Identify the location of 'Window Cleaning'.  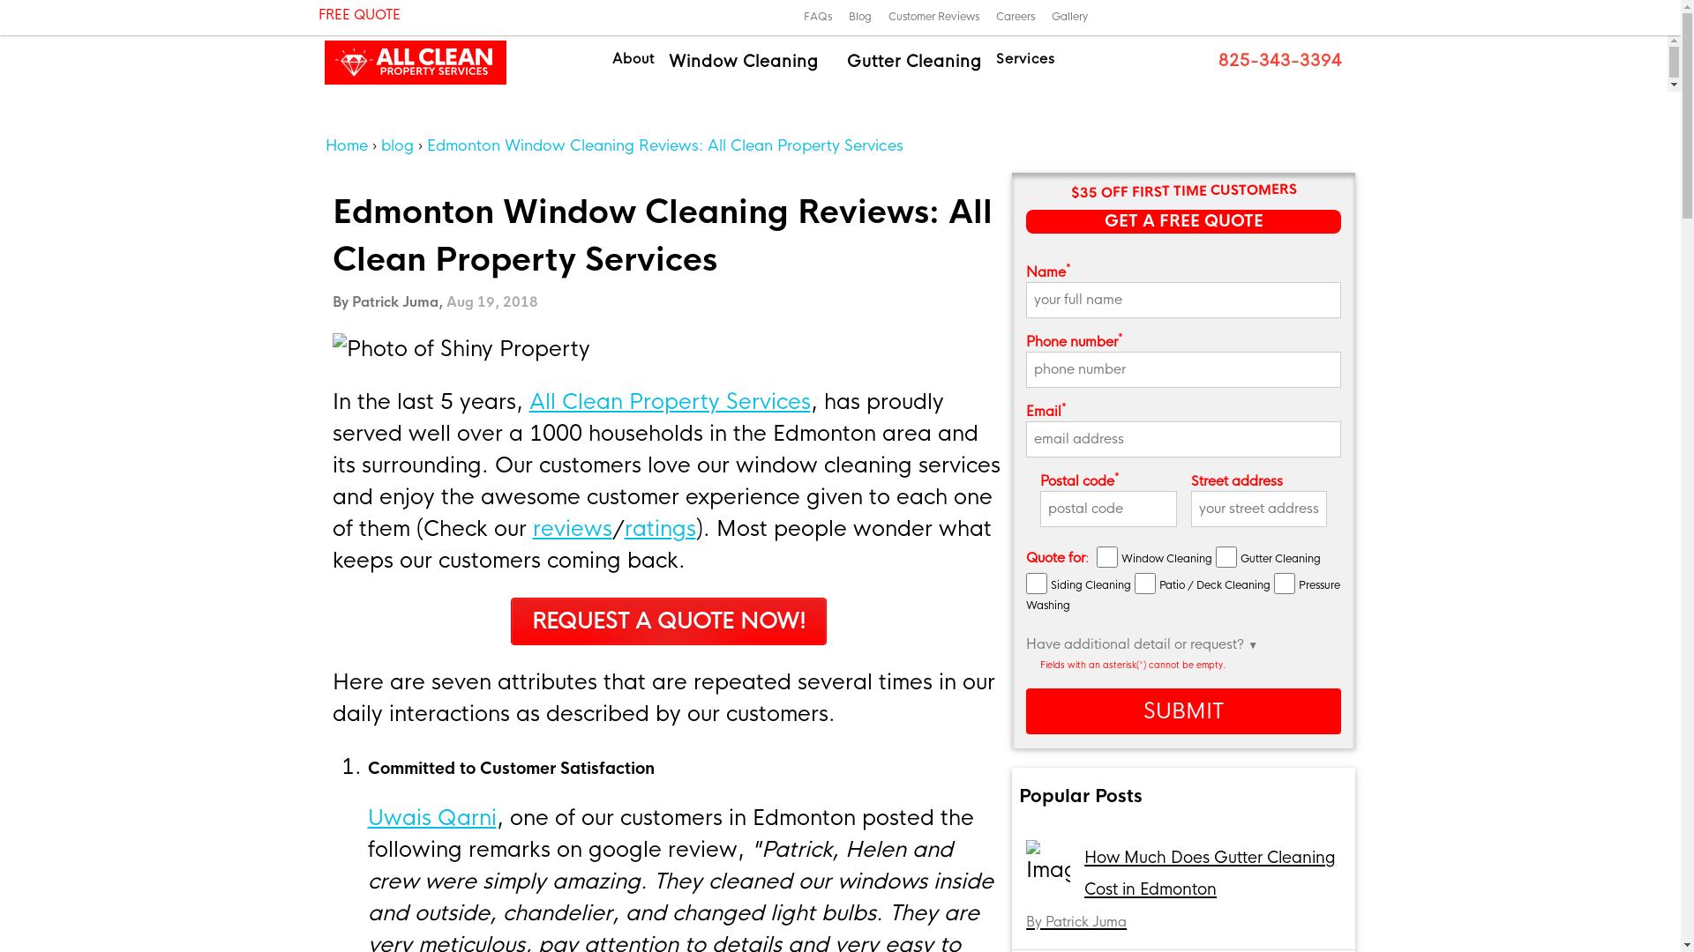
(660, 61).